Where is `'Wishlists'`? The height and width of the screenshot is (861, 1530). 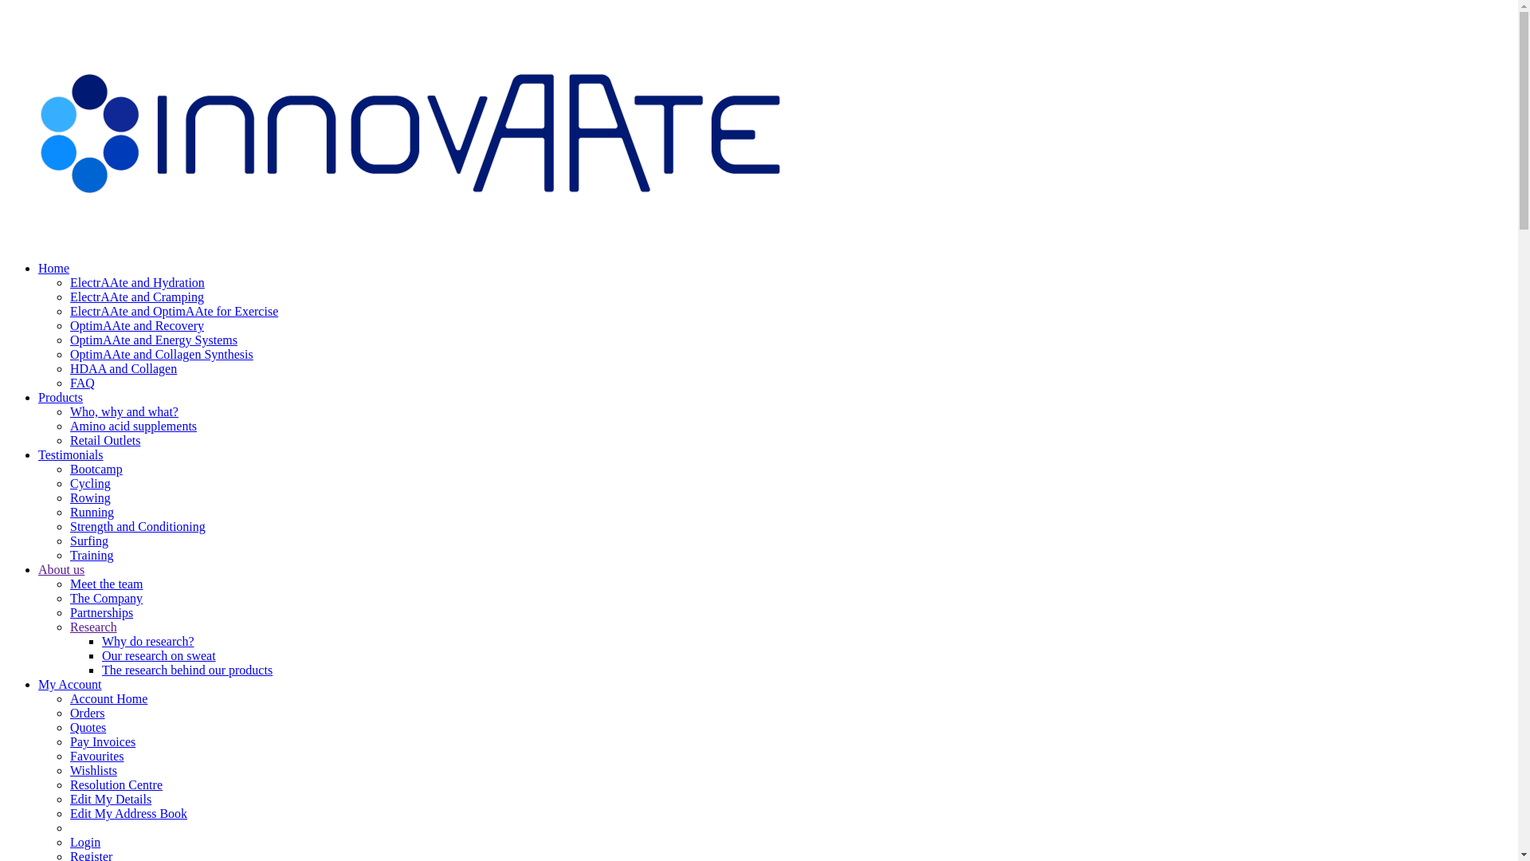
'Wishlists' is located at coordinates (92, 769).